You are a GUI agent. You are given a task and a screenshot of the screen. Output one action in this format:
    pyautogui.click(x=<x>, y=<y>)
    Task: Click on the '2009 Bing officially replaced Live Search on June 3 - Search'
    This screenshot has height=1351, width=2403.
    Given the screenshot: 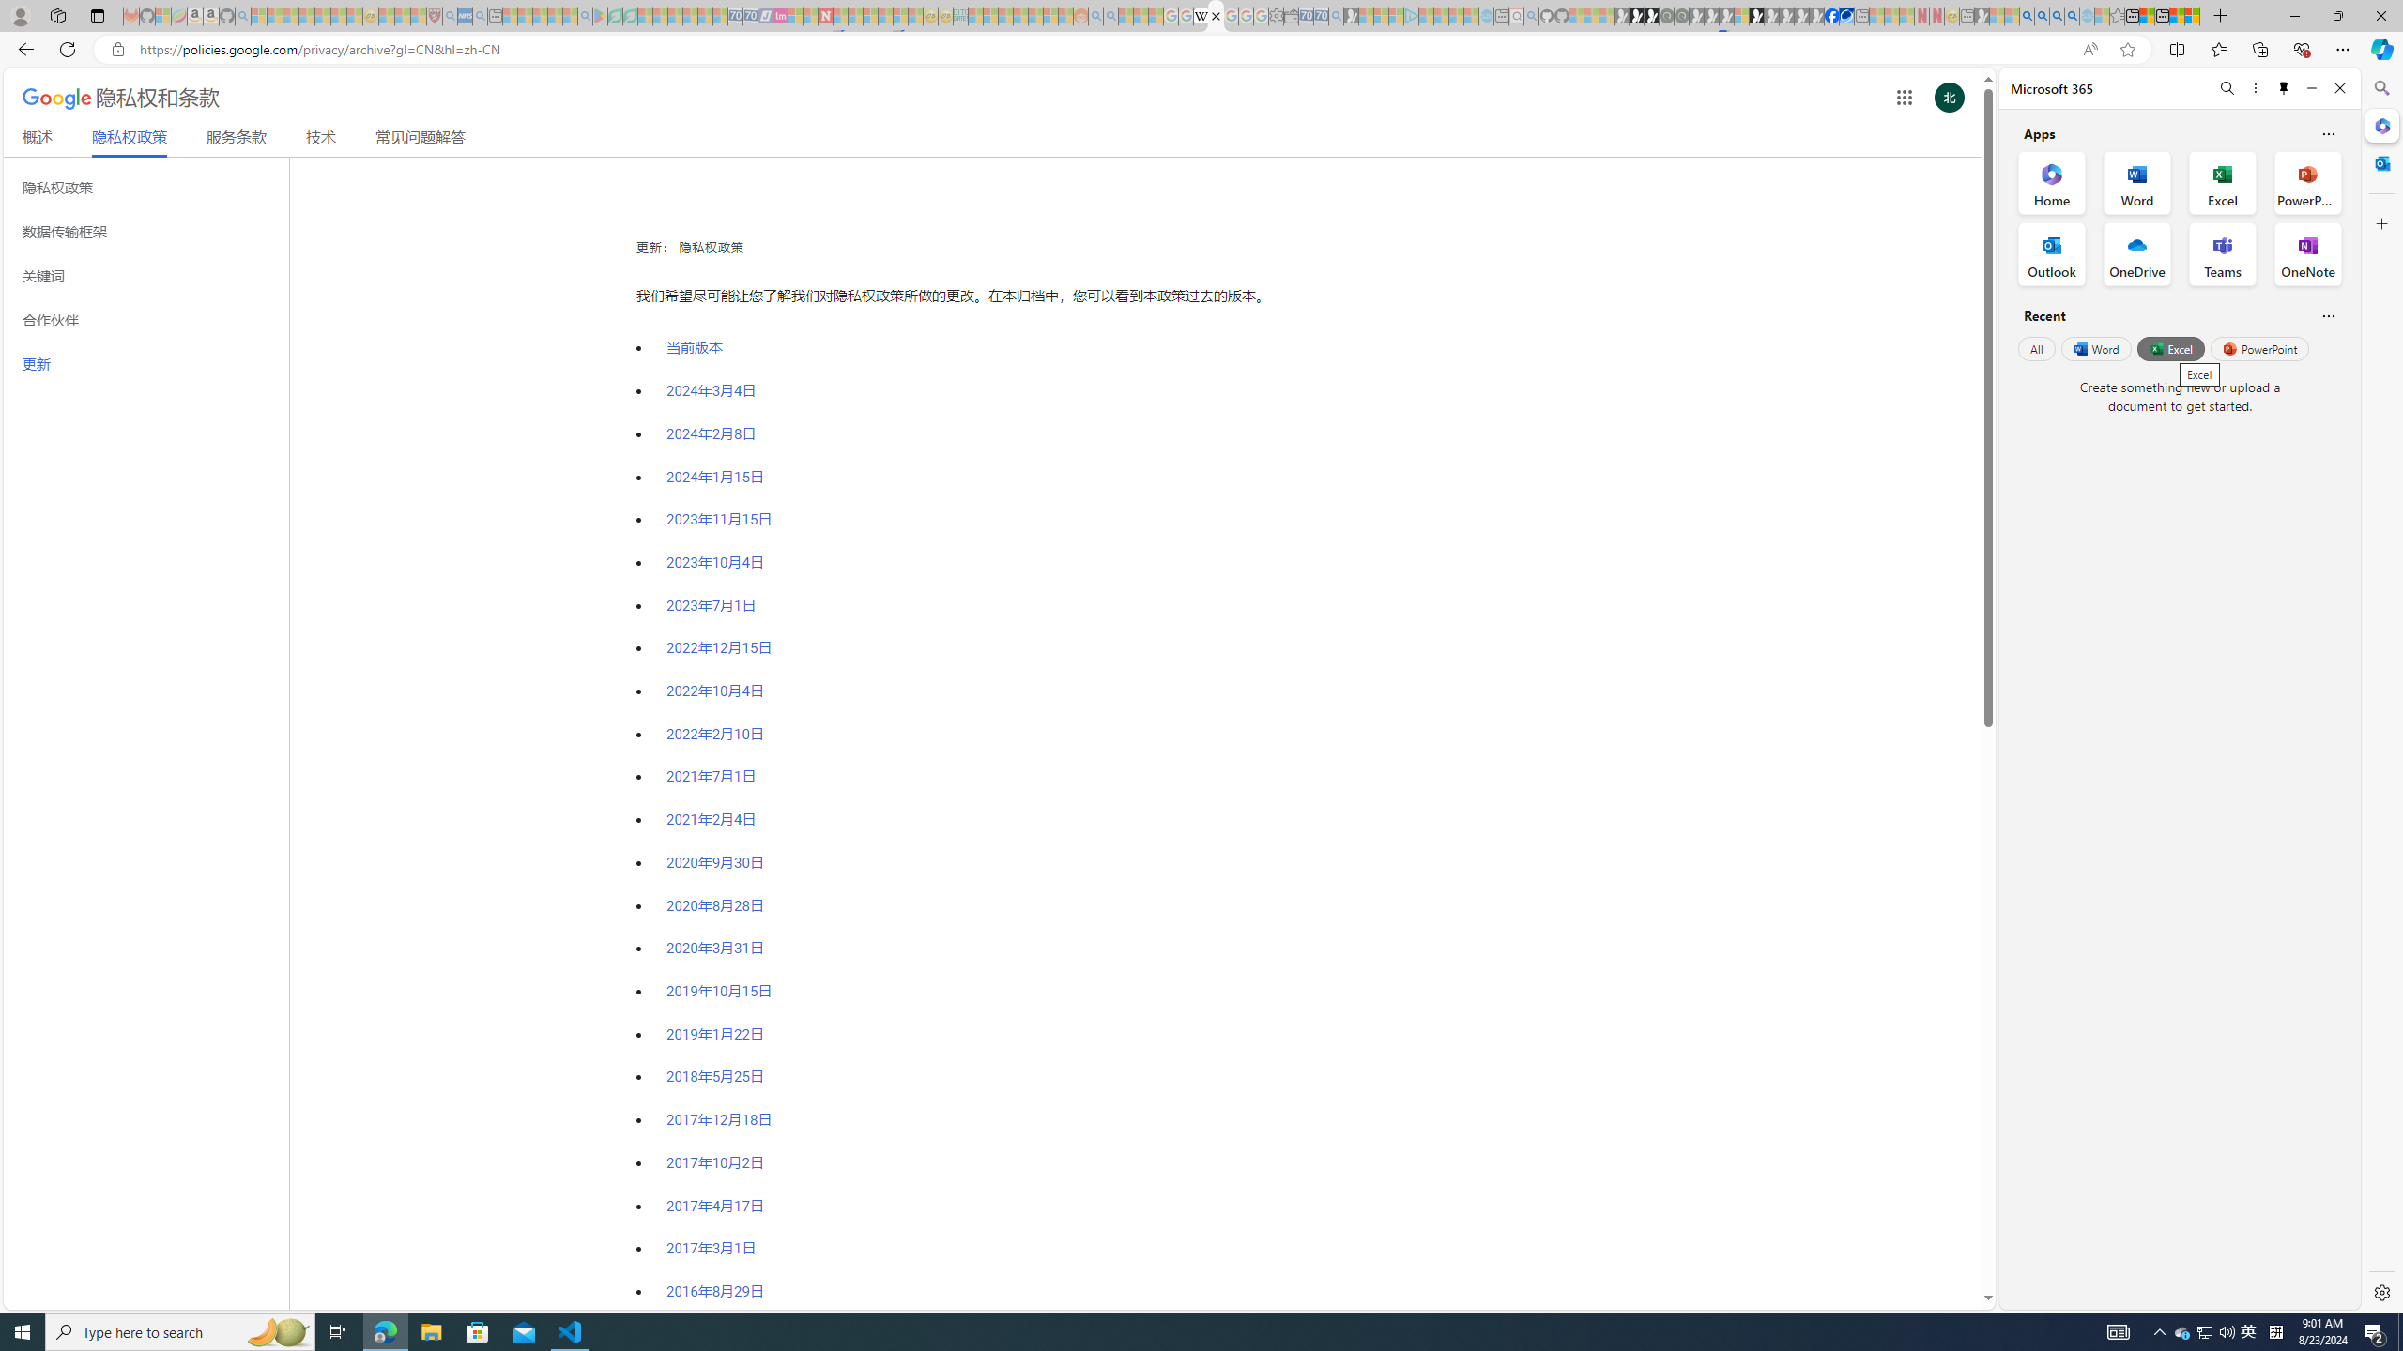 What is the action you would take?
    pyautogui.click(x=2040, y=15)
    